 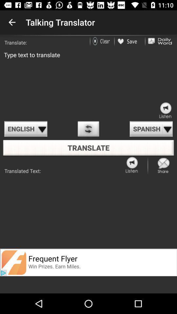 What do you see at coordinates (160, 41) in the screenshot?
I see `daily word` at bounding box center [160, 41].